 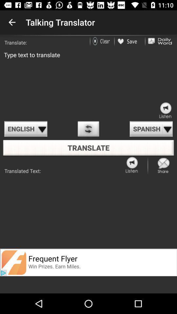 What do you see at coordinates (160, 41) in the screenshot?
I see `daily word` at bounding box center [160, 41].